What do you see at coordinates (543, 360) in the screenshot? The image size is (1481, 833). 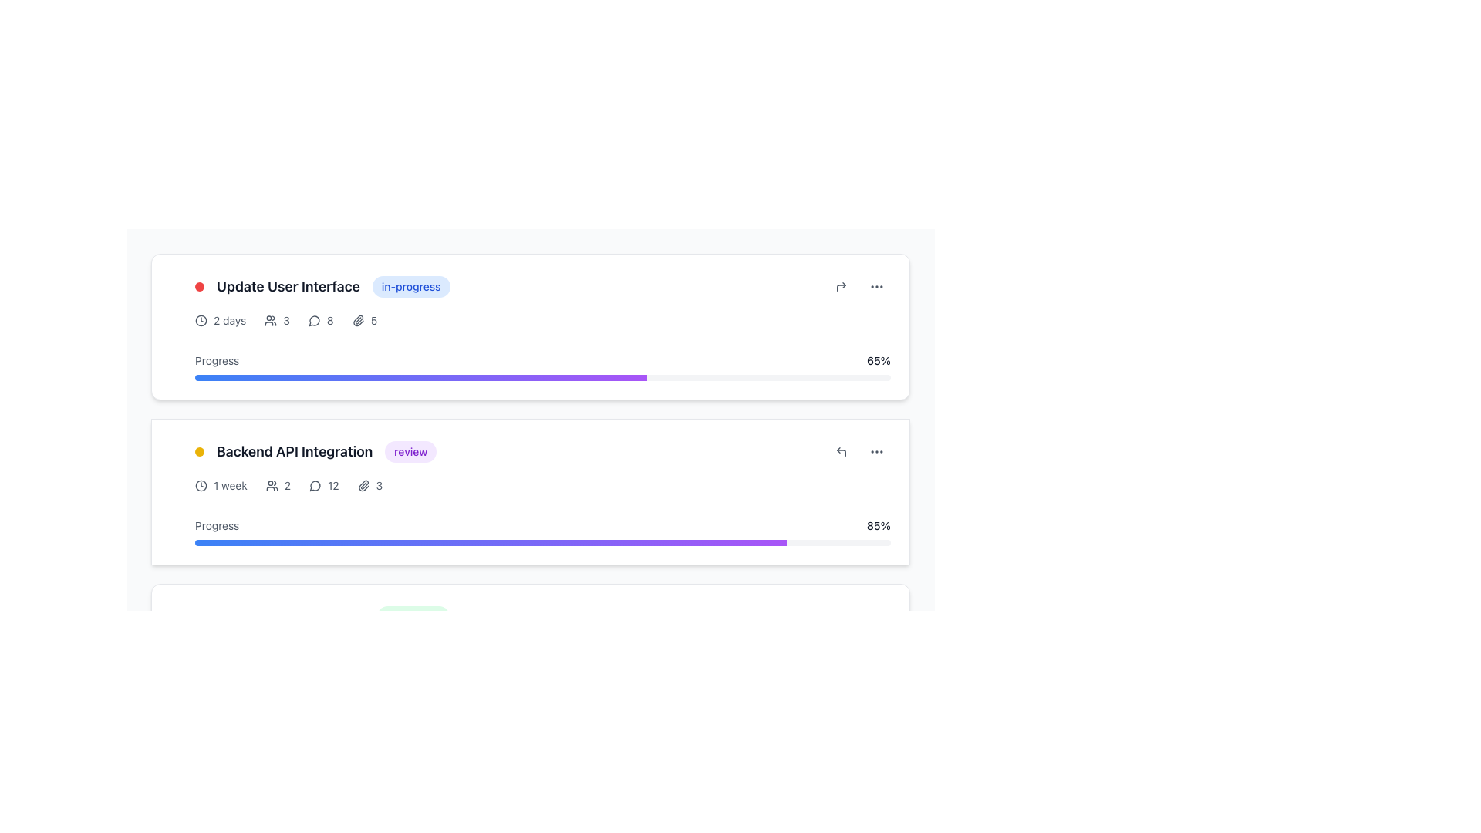 I see `the progress bar located within the 'Update User Interface' card section, which visually indicates the completion percentage of a task or project` at bounding box center [543, 360].